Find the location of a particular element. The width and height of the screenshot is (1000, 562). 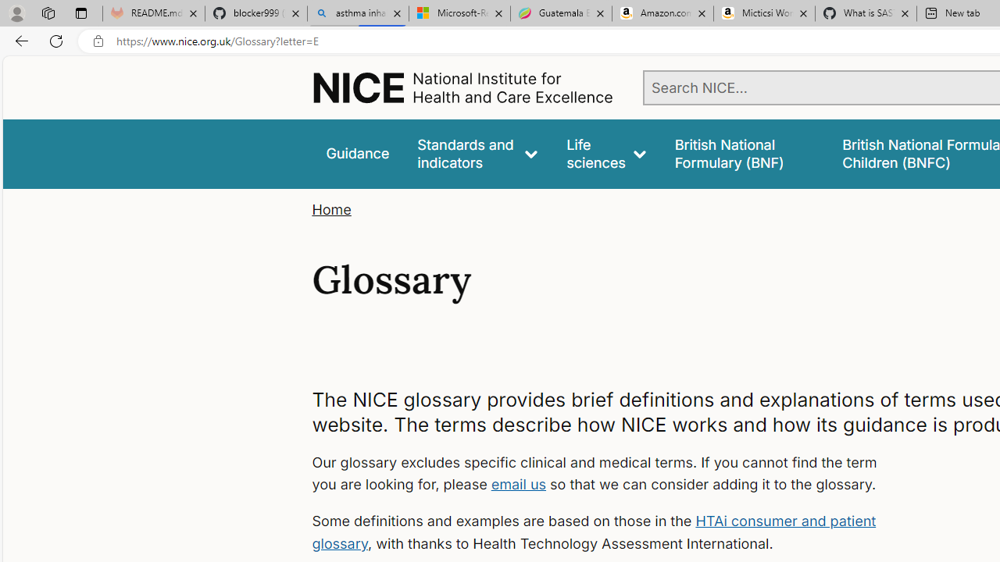

'Refresh' is located at coordinates (56, 40).